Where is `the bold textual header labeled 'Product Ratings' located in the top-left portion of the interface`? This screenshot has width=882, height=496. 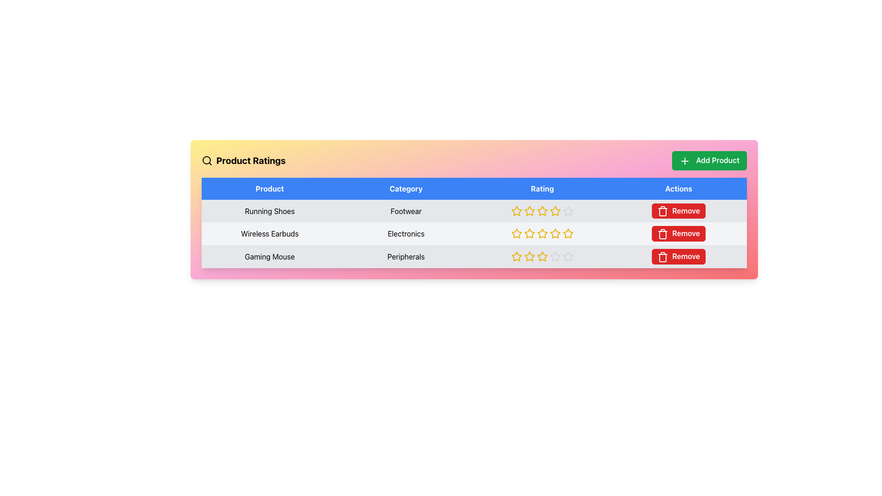
the bold textual header labeled 'Product Ratings' located in the top-left portion of the interface is located at coordinates (251, 160).